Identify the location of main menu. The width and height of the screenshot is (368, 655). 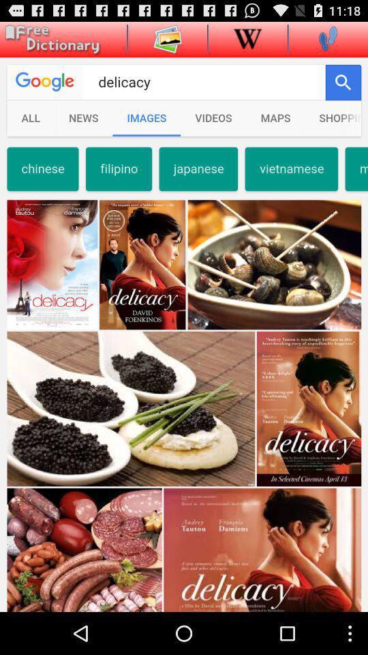
(50, 39).